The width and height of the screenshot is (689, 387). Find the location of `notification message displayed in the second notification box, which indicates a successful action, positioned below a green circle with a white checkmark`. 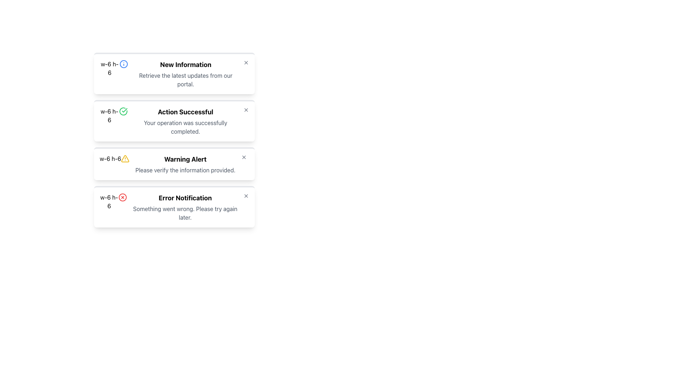

notification message displayed in the second notification box, which indicates a successful action, positioned below a green circle with a white checkmark is located at coordinates (186, 121).